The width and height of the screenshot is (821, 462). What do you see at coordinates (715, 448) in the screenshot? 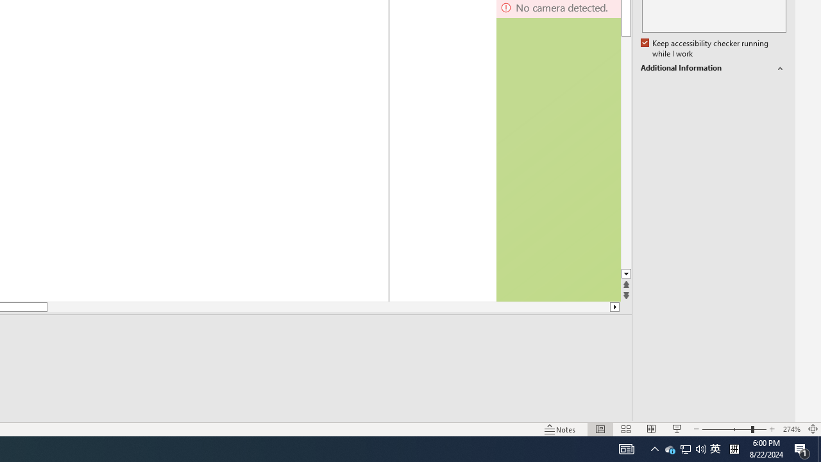
I see `'IME Mode Icon - IME is disabled'` at bounding box center [715, 448].